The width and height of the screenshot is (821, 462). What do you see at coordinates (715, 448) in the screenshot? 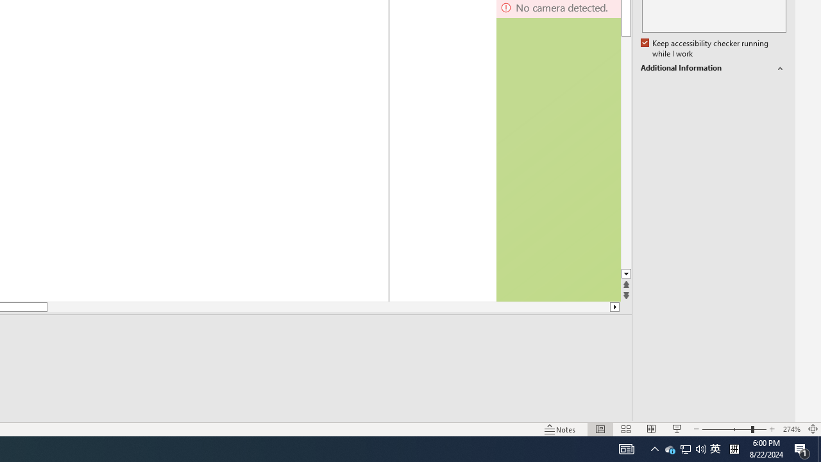
I see `'IME Mode Icon - IME is disabled'` at bounding box center [715, 448].